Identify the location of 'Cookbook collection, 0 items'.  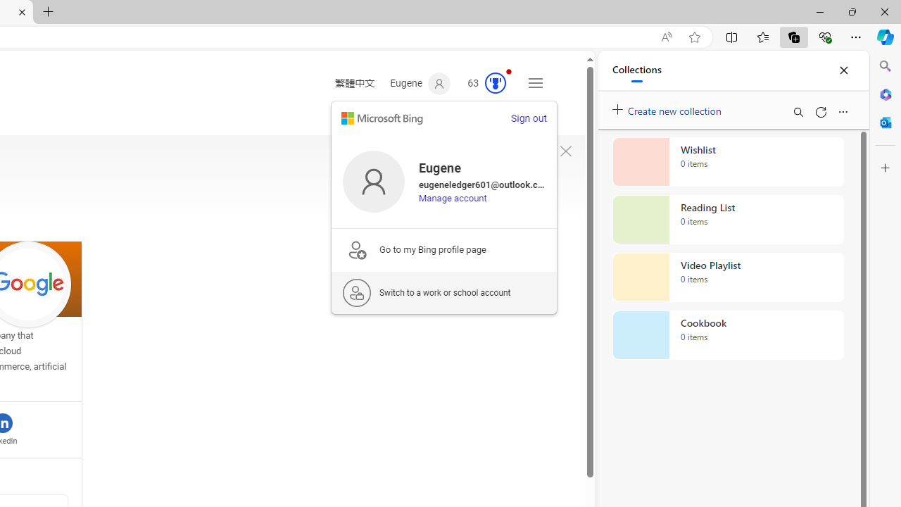
(728, 334).